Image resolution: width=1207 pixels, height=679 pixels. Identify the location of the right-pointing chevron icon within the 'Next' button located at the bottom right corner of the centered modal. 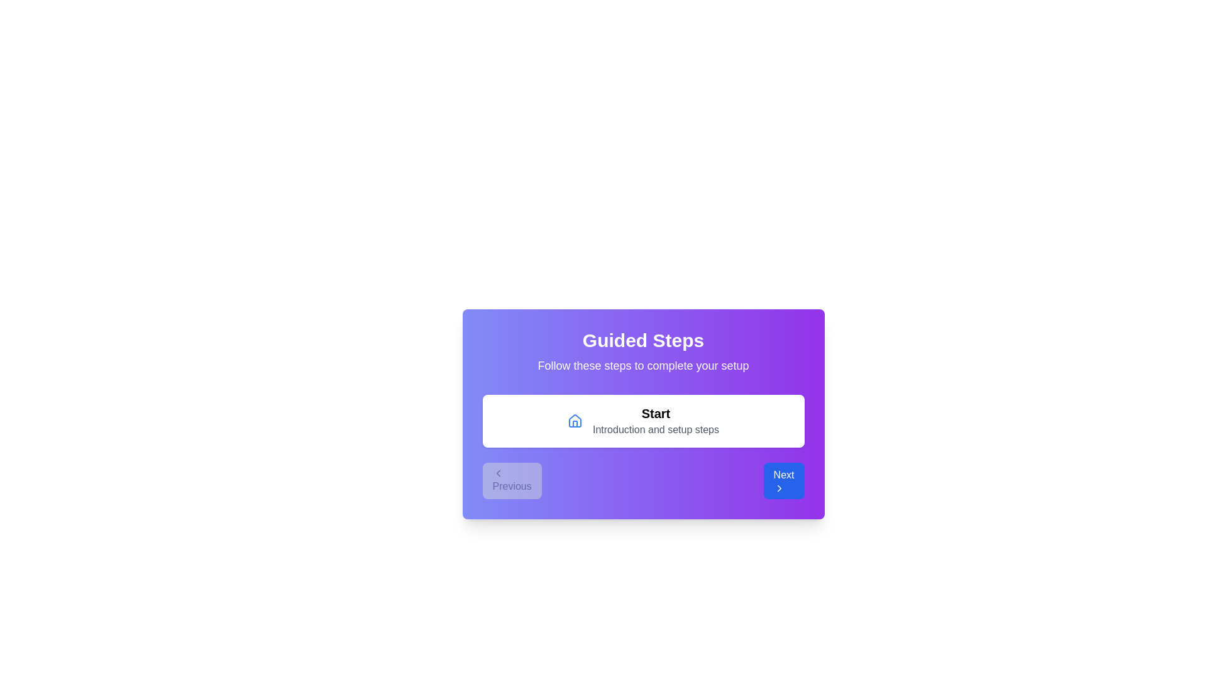
(778, 487).